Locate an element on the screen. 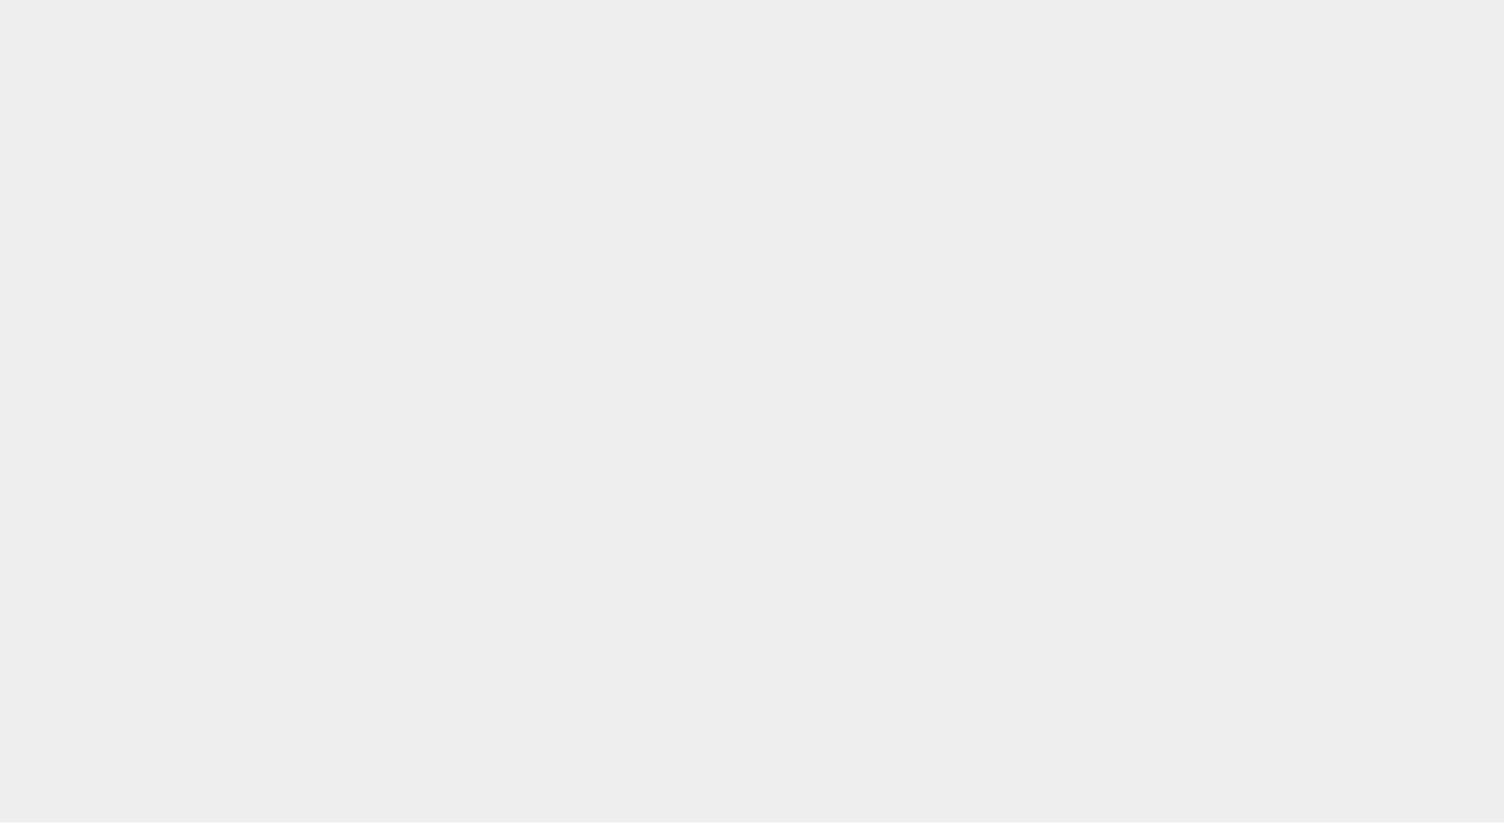 This screenshot has width=1504, height=840. 'FAQ' is located at coordinates (234, 463).